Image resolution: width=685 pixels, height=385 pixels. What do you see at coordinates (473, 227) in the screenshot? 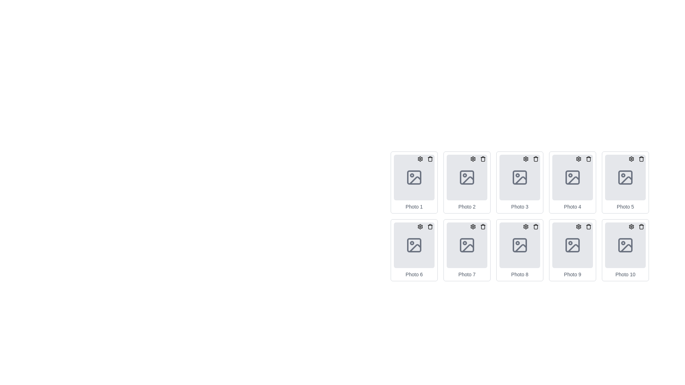
I see `the circular settings button with a gear icon located at the top-right corner of the 'Photo 7' card` at bounding box center [473, 227].